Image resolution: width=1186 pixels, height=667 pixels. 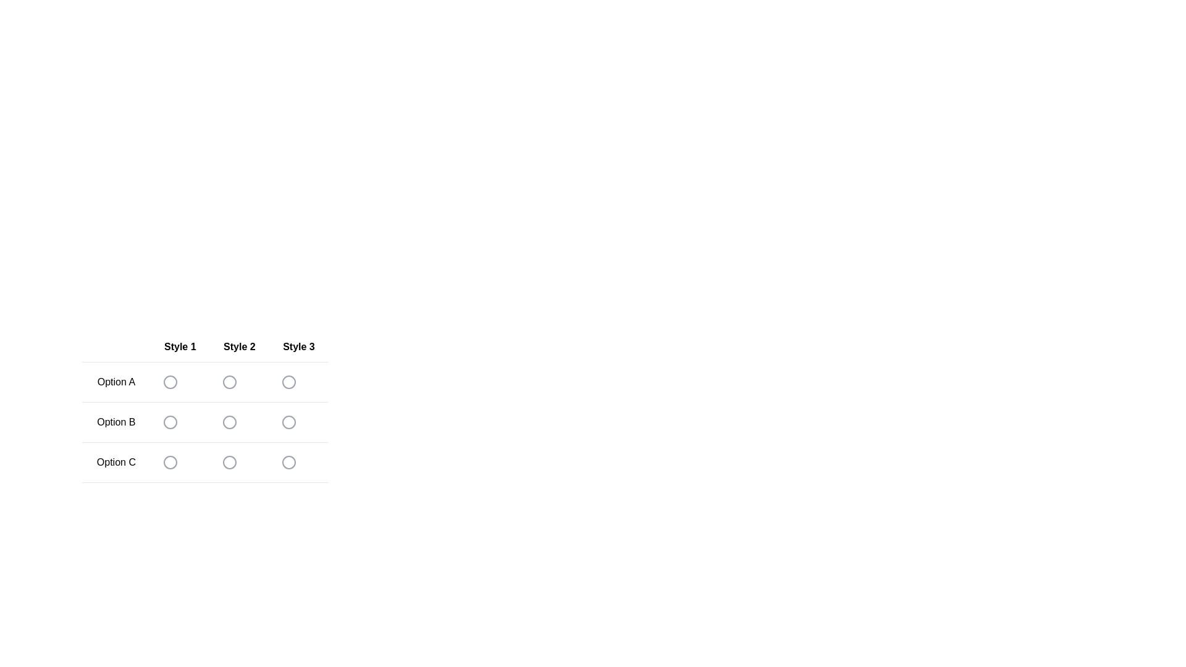 I want to click on the text label displaying 'Style 3' in bold black font, which is the last element in a horizontal row of similar labels above multiple-choice options, so click(x=299, y=347).